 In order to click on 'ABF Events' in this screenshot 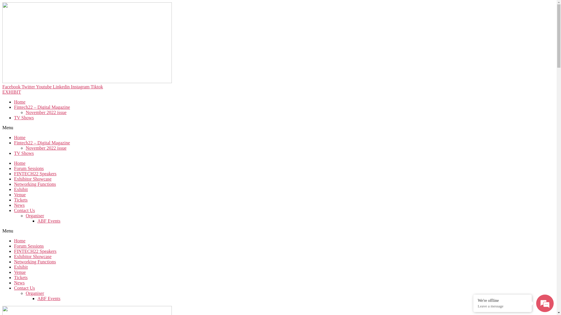, I will do `click(49, 221)`.